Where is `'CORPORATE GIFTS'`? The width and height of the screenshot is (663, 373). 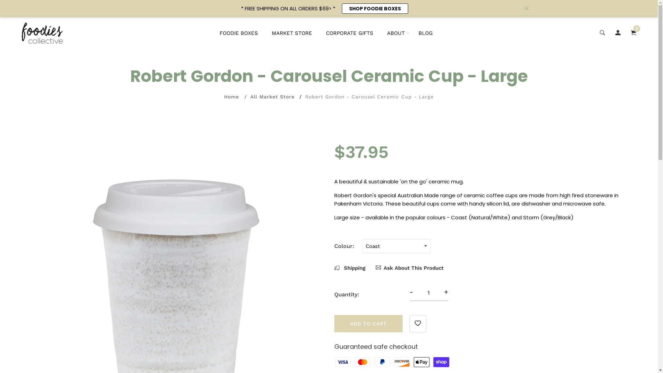
'CORPORATE GIFTS' is located at coordinates (349, 33).